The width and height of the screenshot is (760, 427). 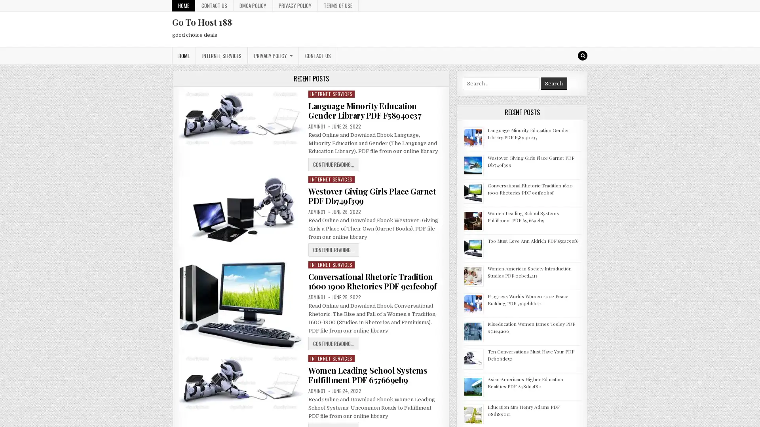 What do you see at coordinates (553, 83) in the screenshot?
I see `Search` at bounding box center [553, 83].